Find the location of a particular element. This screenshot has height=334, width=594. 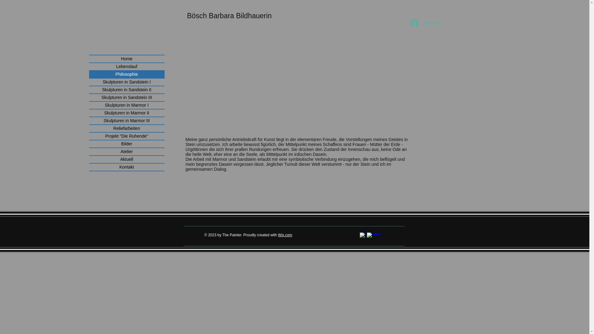

'Aktuell' is located at coordinates (126, 159).